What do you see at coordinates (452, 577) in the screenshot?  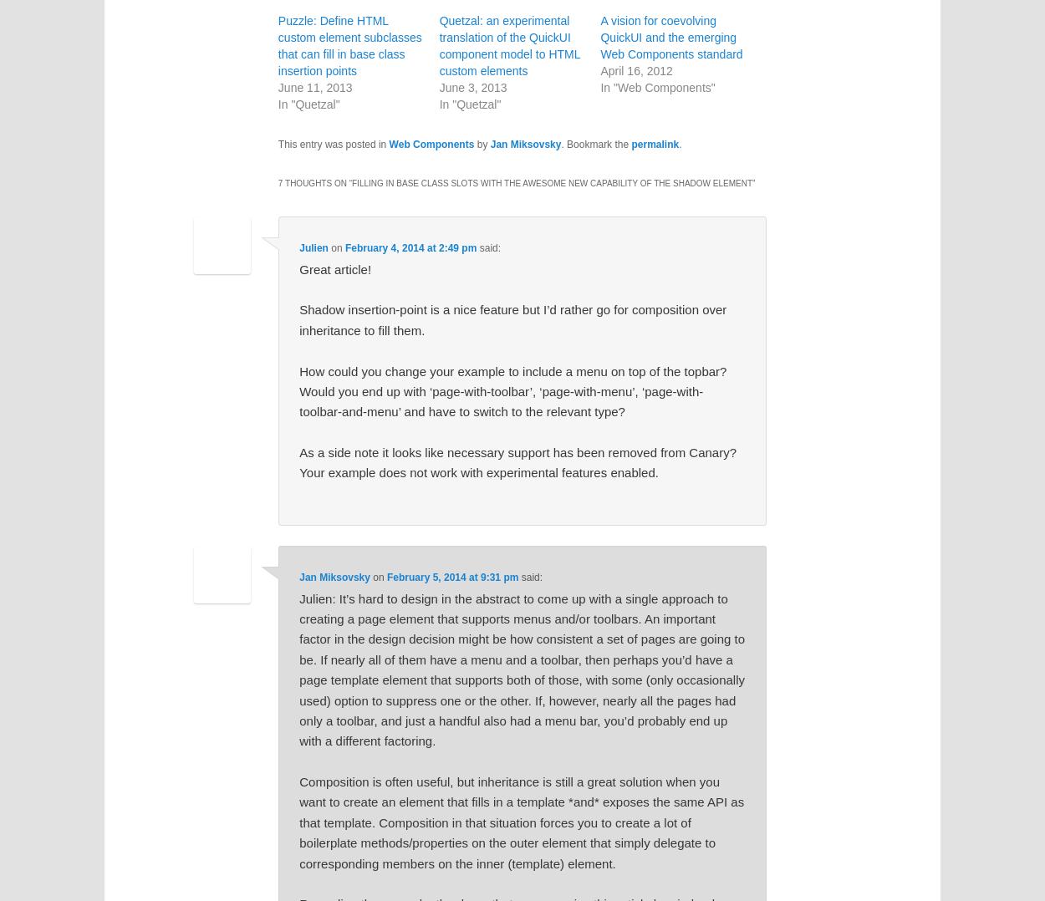 I see `'February 5, 2014 at 9:31 pm'` at bounding box center [452, 577].